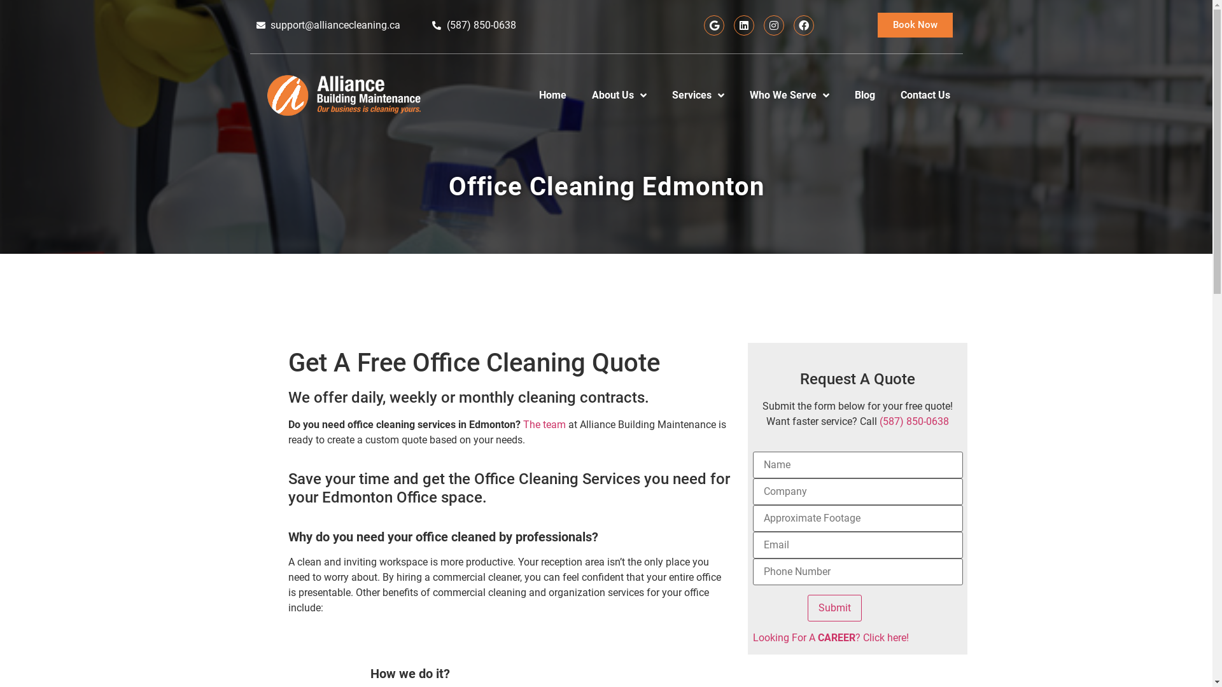 This screenshot has height=687, width=1222. What do you see at coordinates (544, 424) in the screenshot?
I see `'The team'` at bounding box center [544, 424].